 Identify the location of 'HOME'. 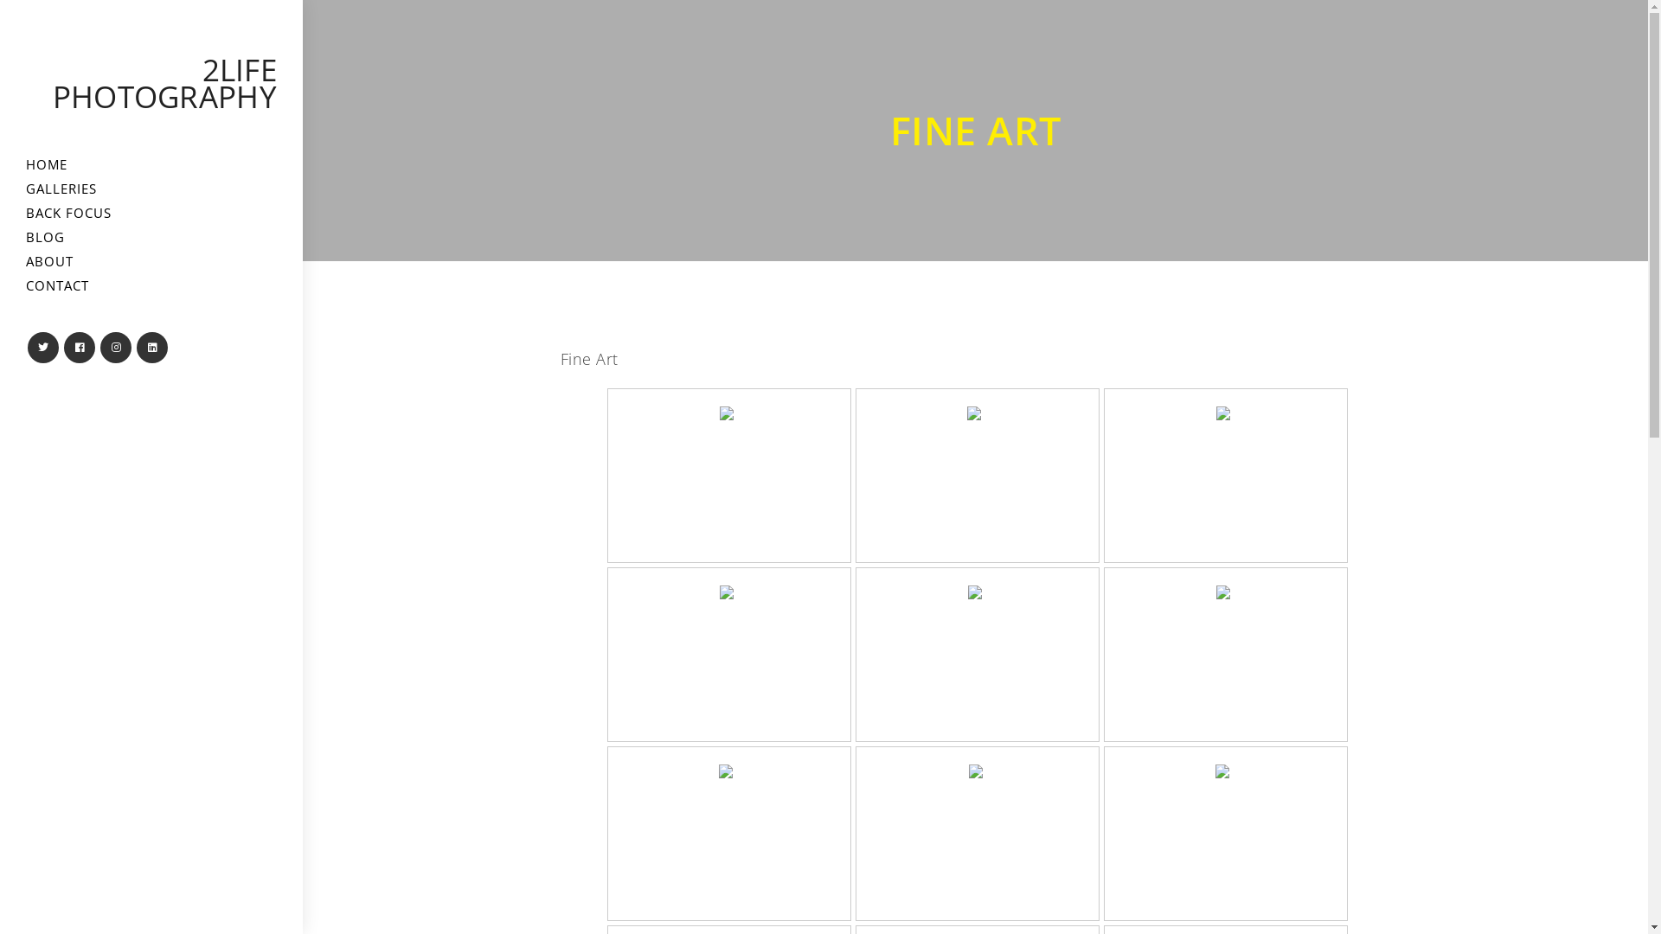
(0, 164).